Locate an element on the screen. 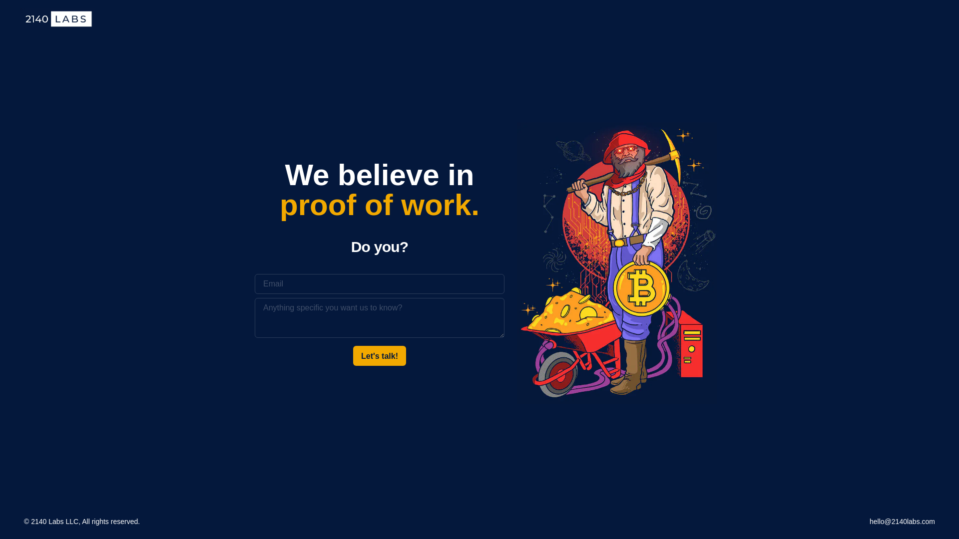 Image resolution: width=959 pixels, height=539 pixels. 'Let's talk!' is located at coordinates (379, 355).